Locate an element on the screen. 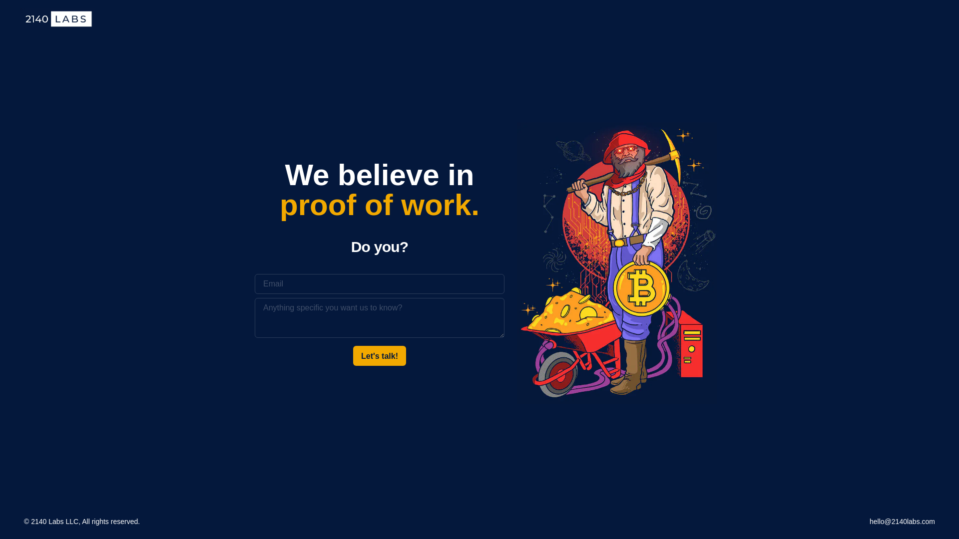 Image resolution: width=959 pixels, height=539 pixels. 'Let's talk!' is located at coordinates (379, 355).